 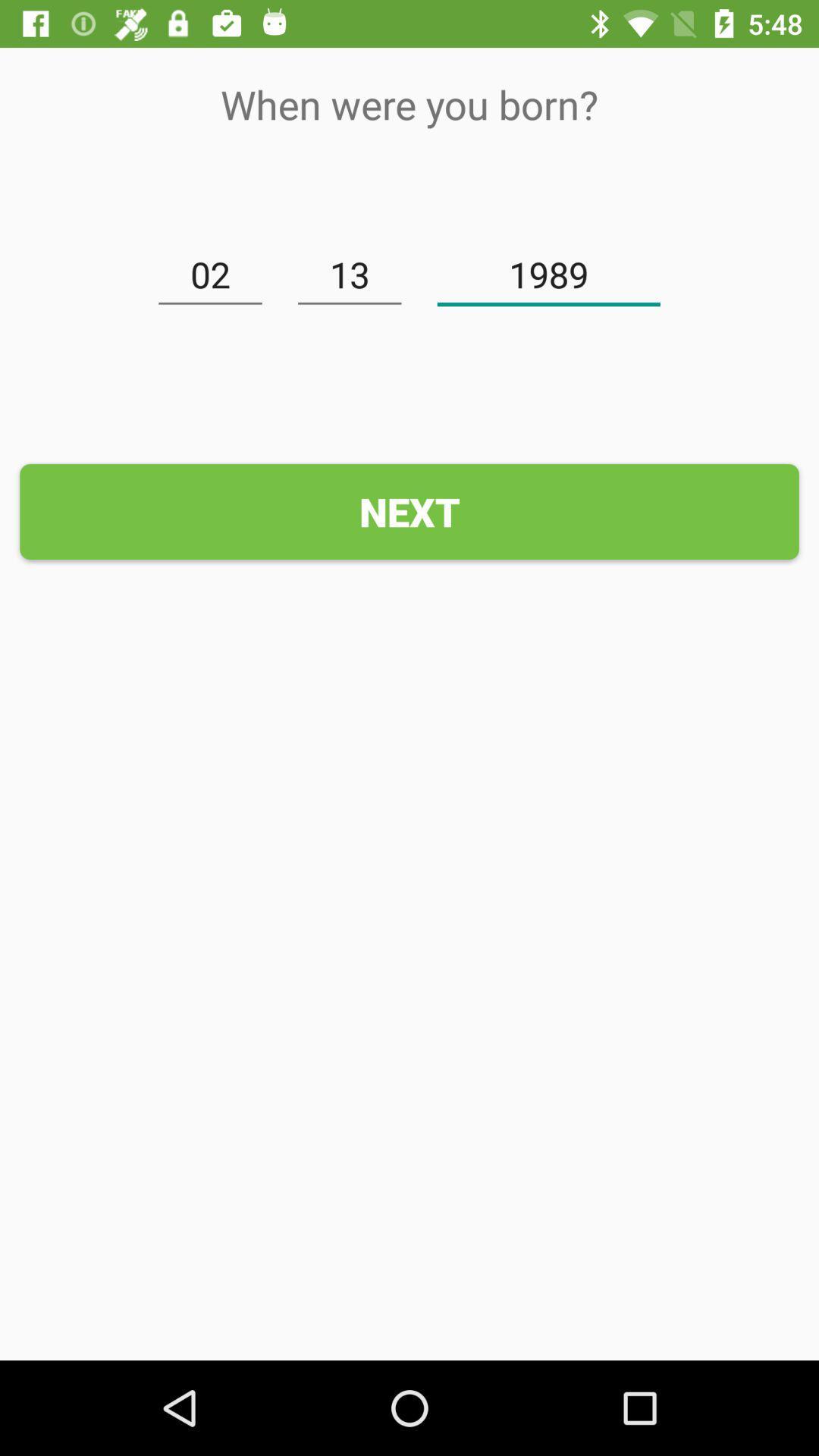 I want to click on the icon above the next, so click(x=350, y=275).